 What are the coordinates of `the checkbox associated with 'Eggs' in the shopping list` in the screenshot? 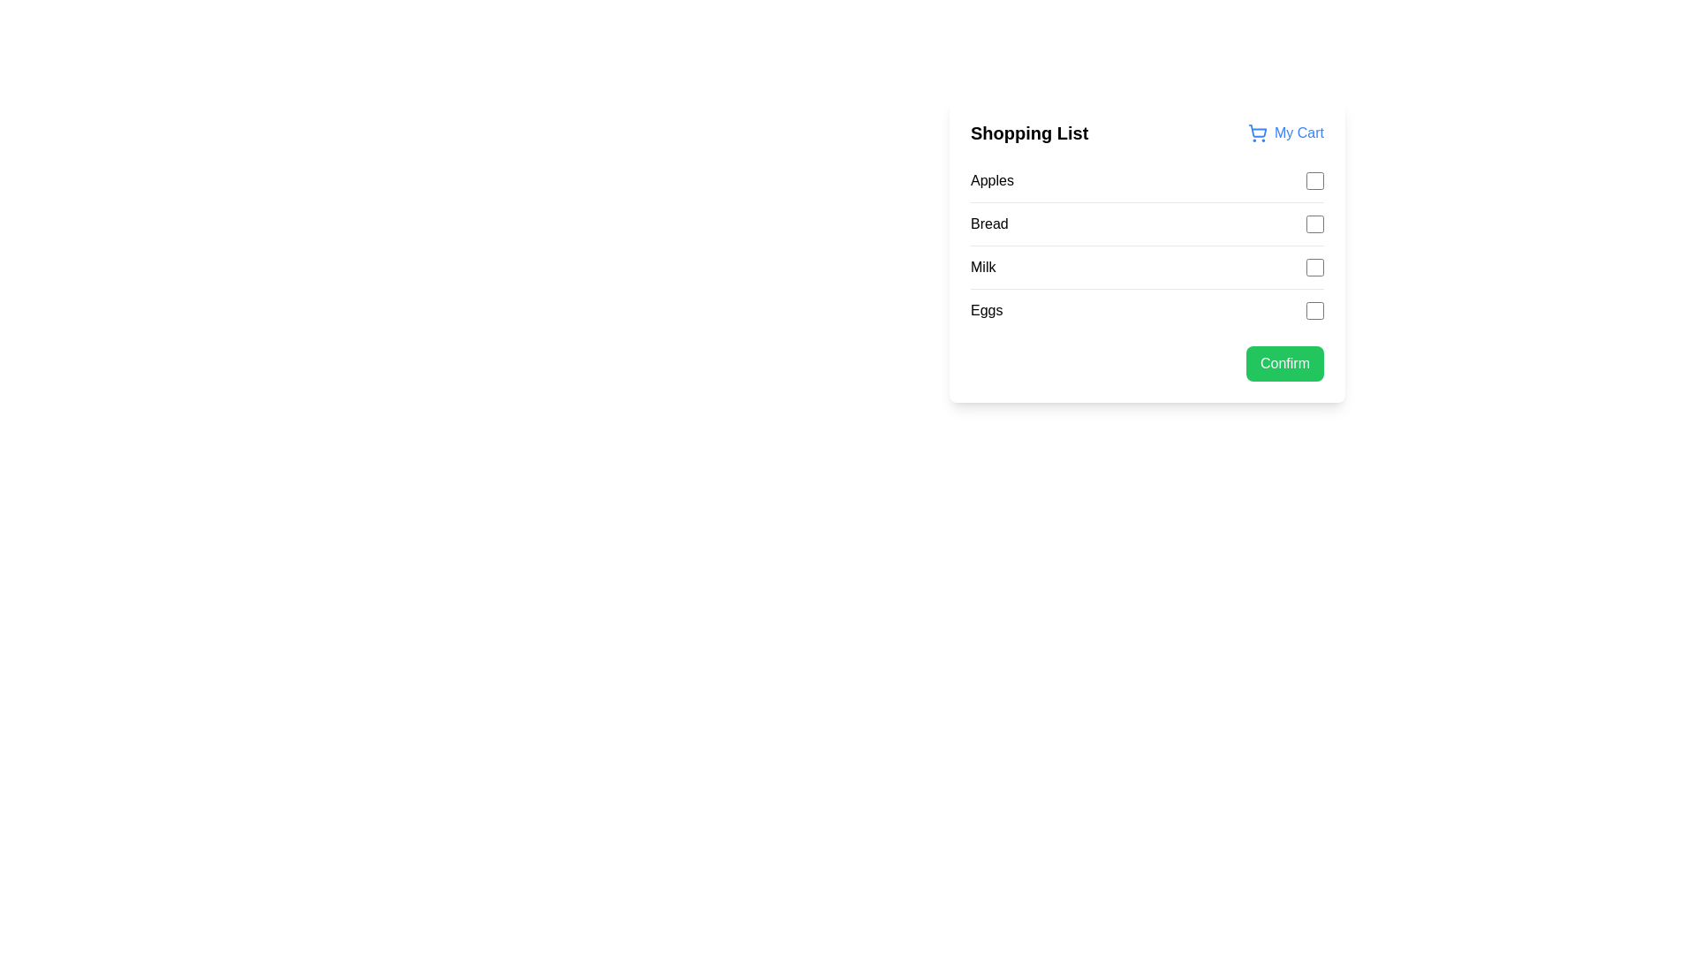 It's located at (1314, 309).